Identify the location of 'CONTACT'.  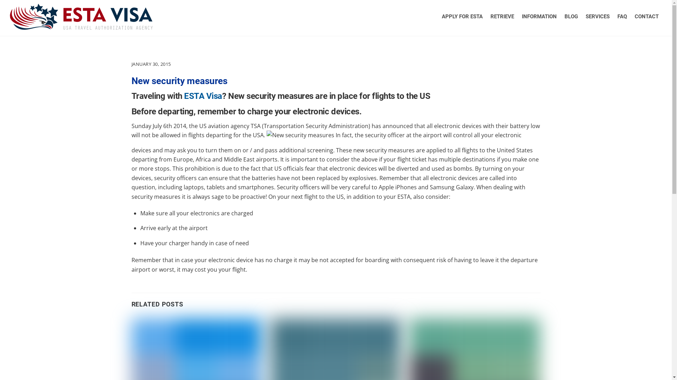
(631, 16).